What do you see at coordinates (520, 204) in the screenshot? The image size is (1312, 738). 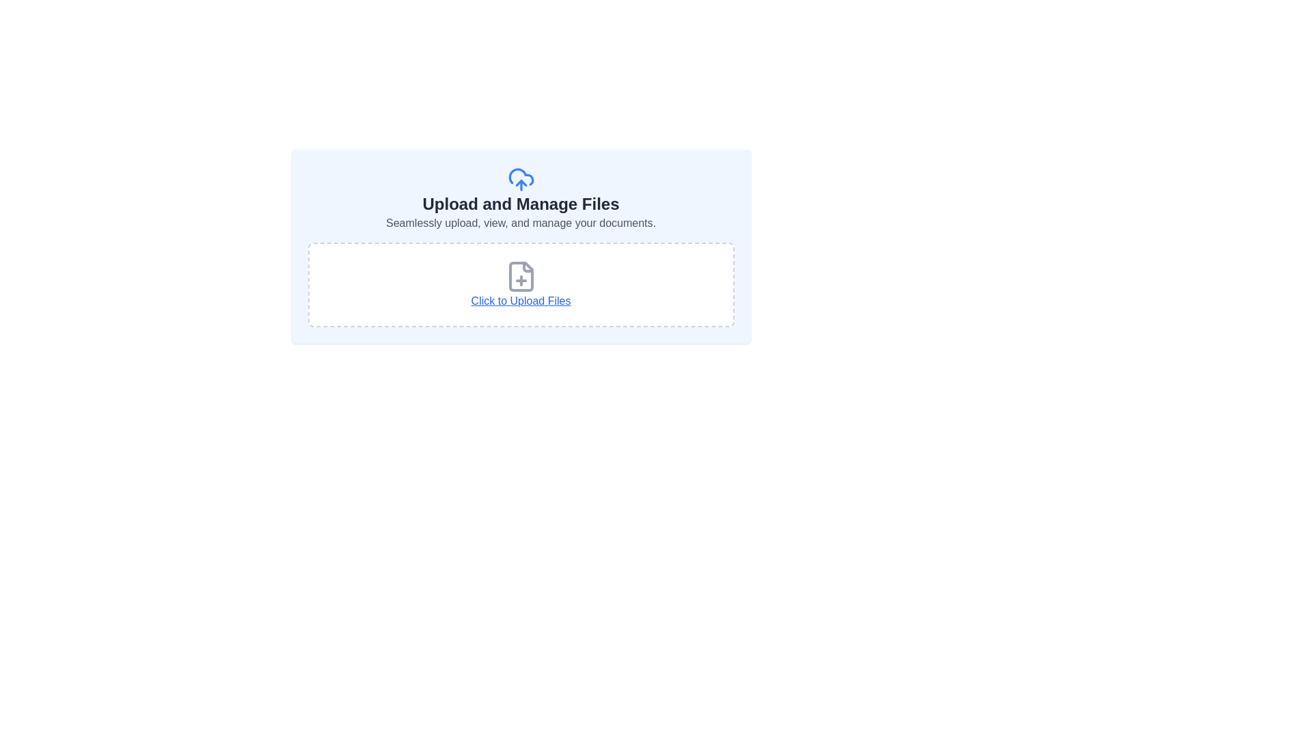 I see `text content of the bold and large text header displaying 'Upload and Manage Files', which is centered below an upload cloud icon` at bounding box center [520, 204].